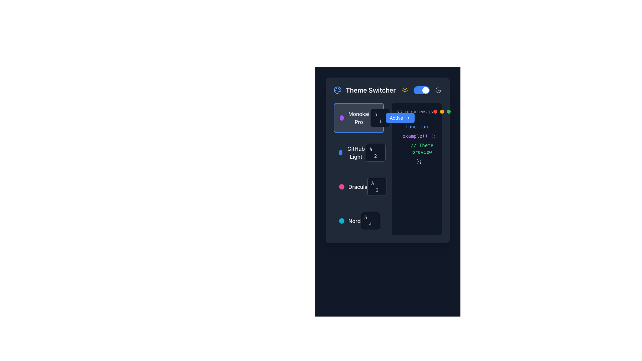 This screenshot has height=361, width=642. I want to click on the 'GitHub Light' theme selector button, which is the second button in the vertical list under the 'Theme Switcher' section, to observe a visual change, so click(358, 152).